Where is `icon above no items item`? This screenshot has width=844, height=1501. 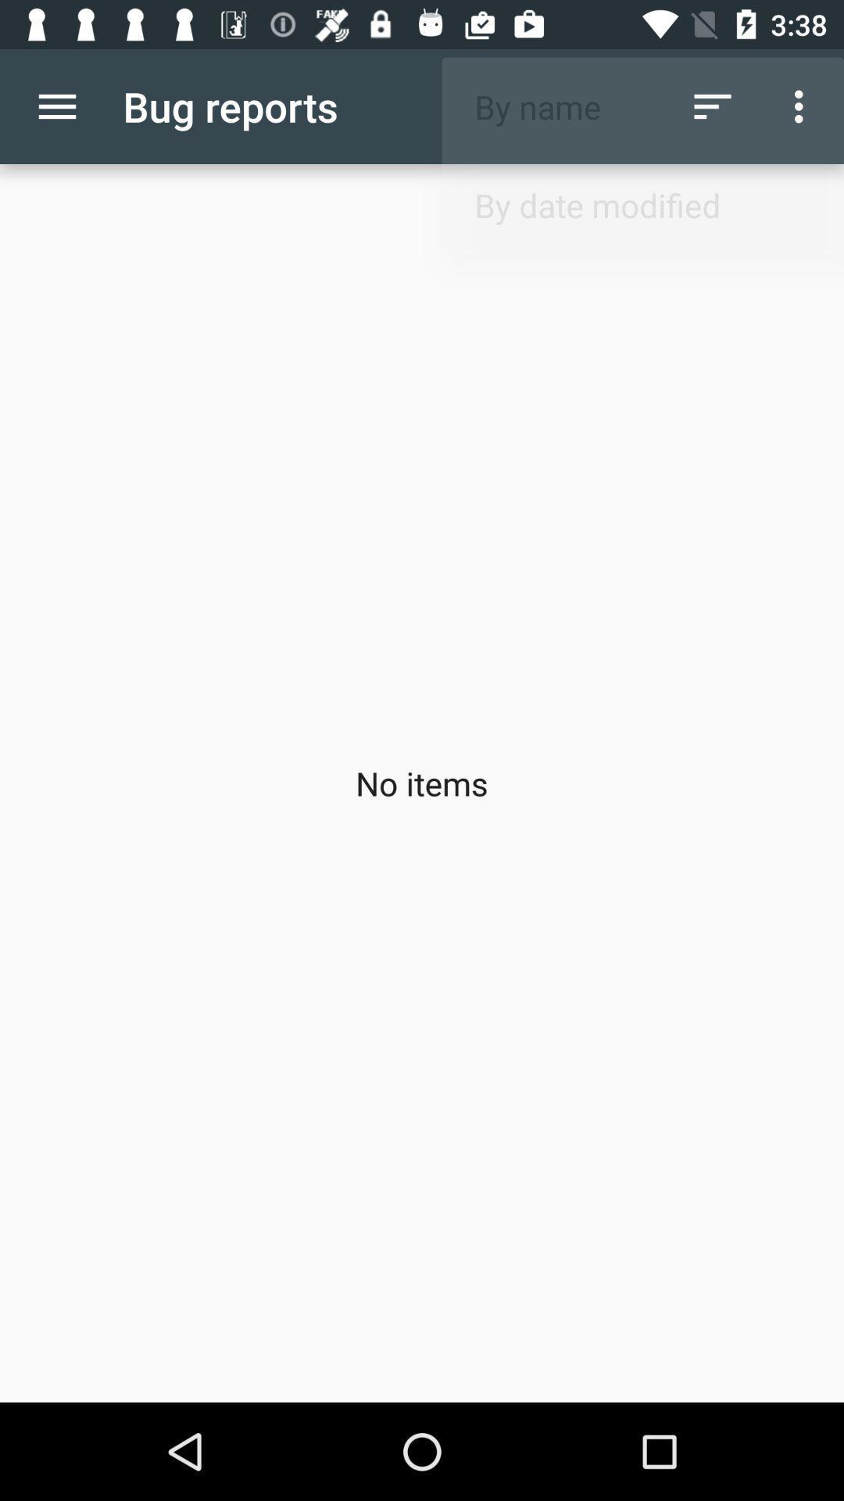 icon above no items item is located at coordinates (803, 106).